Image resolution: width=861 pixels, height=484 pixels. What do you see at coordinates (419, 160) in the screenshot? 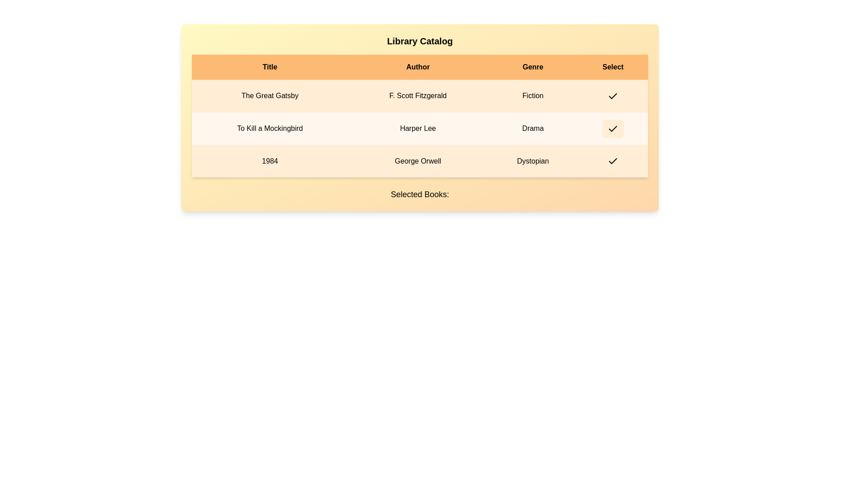
I see `the third row in the table that contains the book '1984' by George Orwell, which has a light orange background and includes a clickable checkmark icon for highlighting` at bounding box center [419, 160].